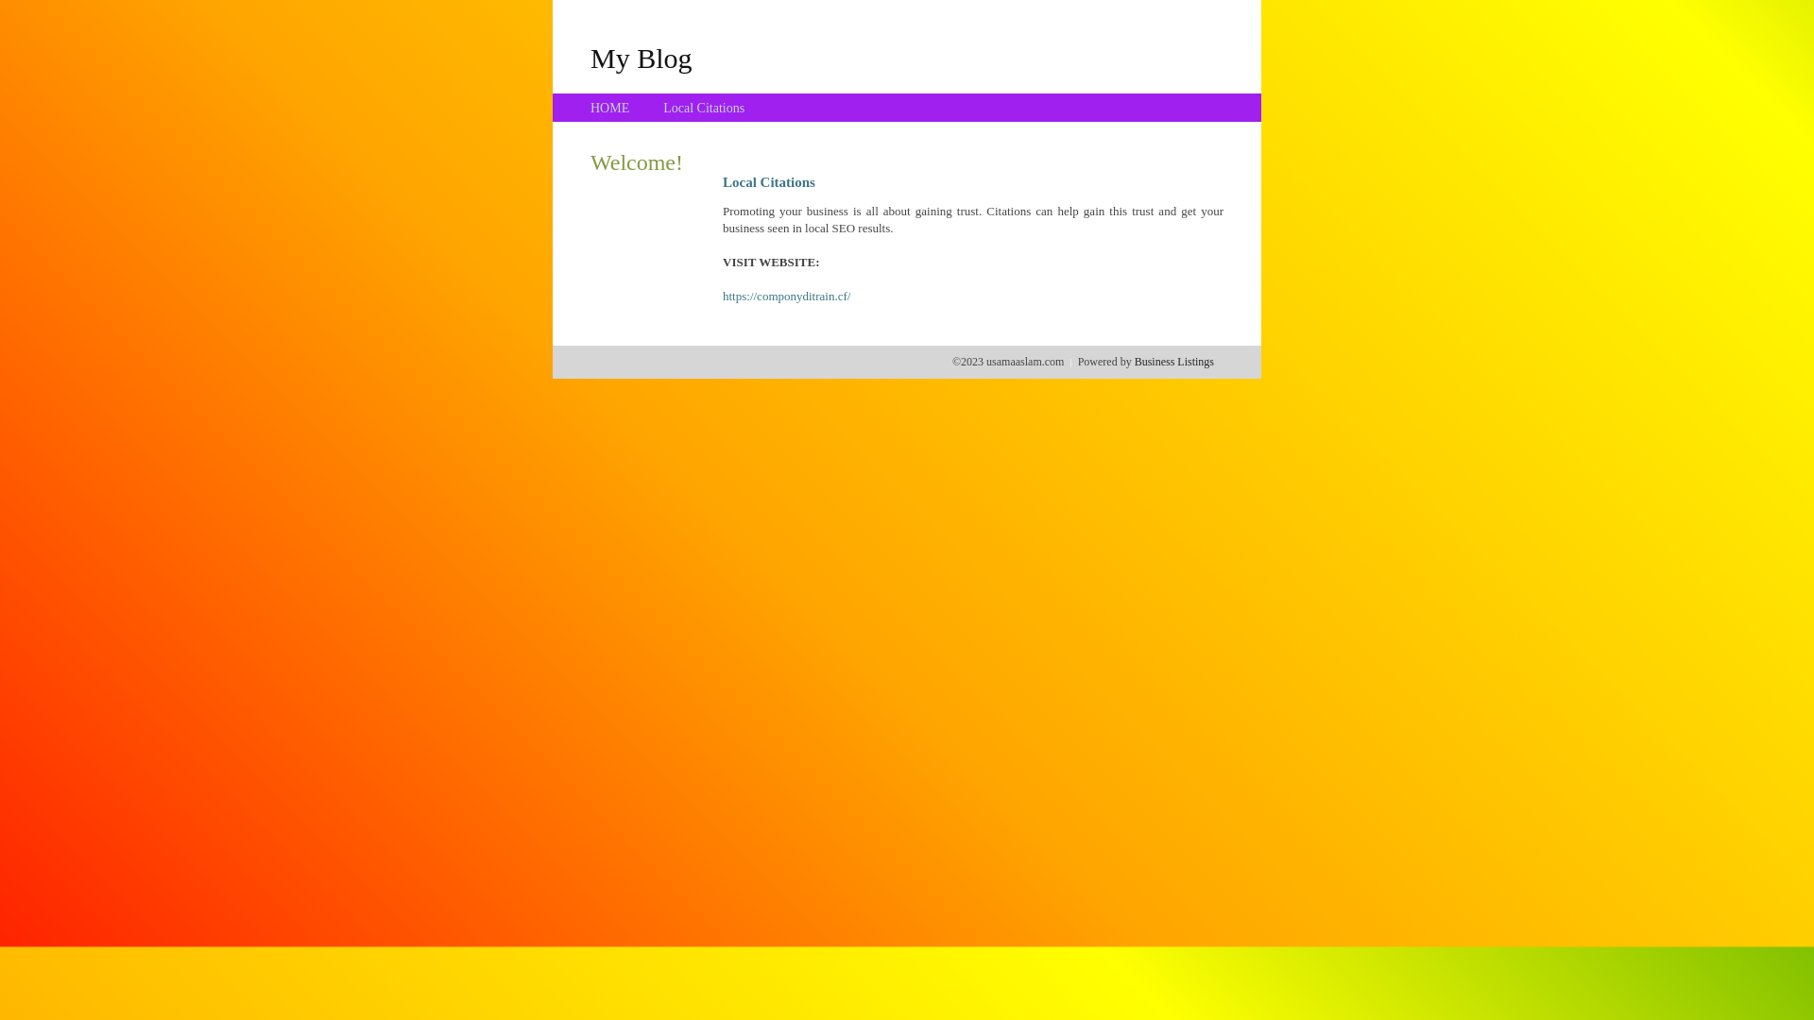  What do you see at coordinates (1173, 361) in the screenshot?
I see `'Business Listings'` at bounding box center [1173, 361].